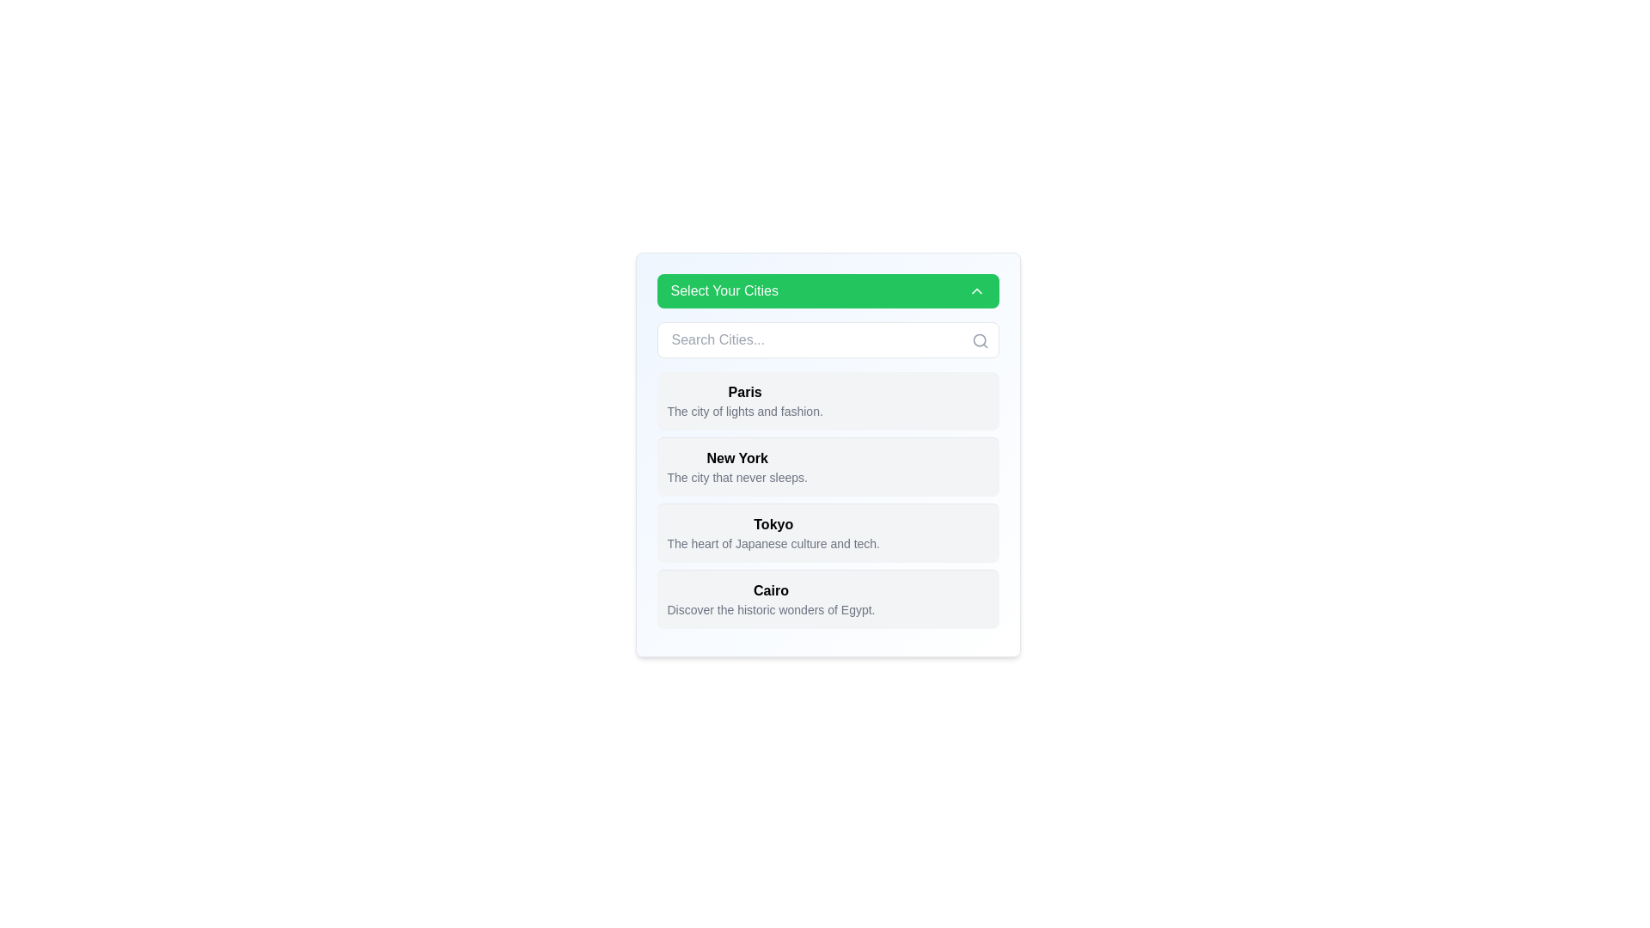 This screenshot has height=928, width=1650. I want to click on the selectable list item labeled 'Tokyo', which is the third item in a vertical list under the 'Select Your Cities' header, so click(828, 532).